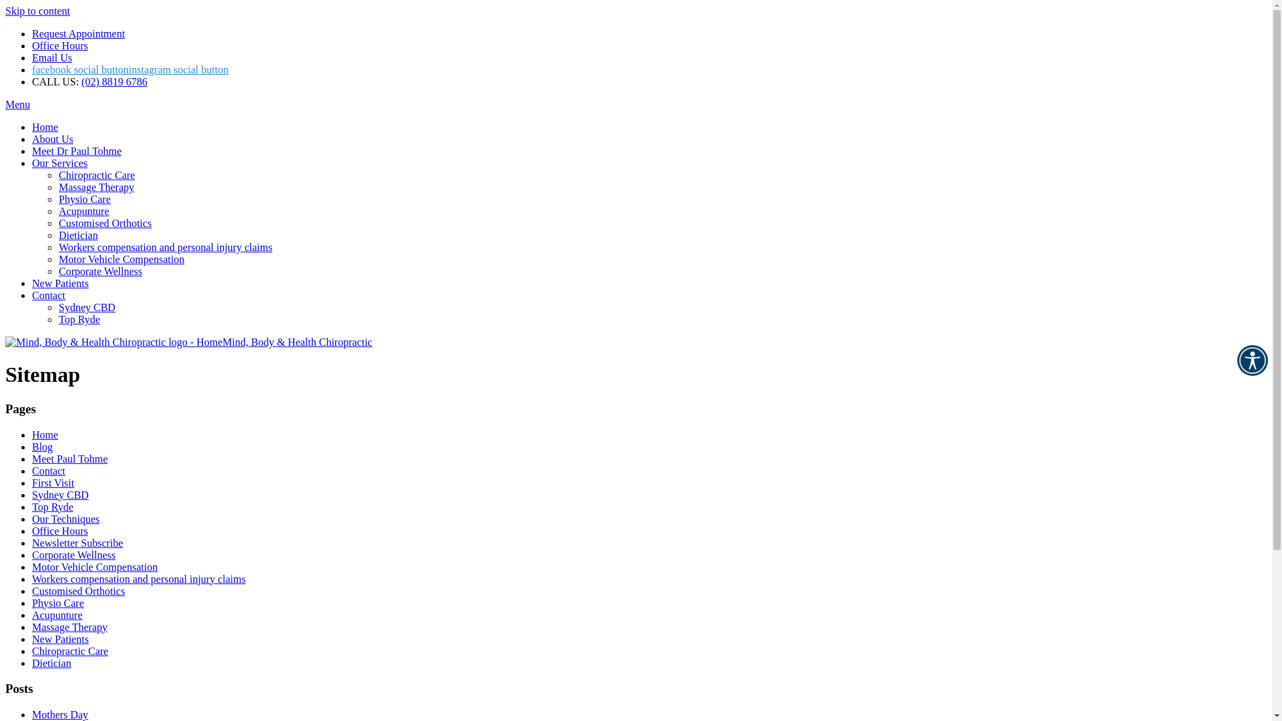 The height and width of the screenshot is (721, 1282). Describe the element at coordinates (53, 483) in the screenshot. I see `'First Visit'` at that location.